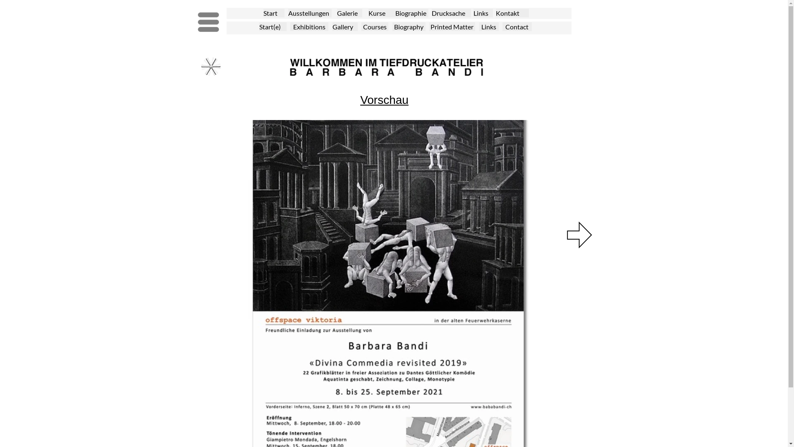  What do you see at coordinates (384, 99) in the screenshot?
I see `'Vorschau'` at bounding box center [384, 99].